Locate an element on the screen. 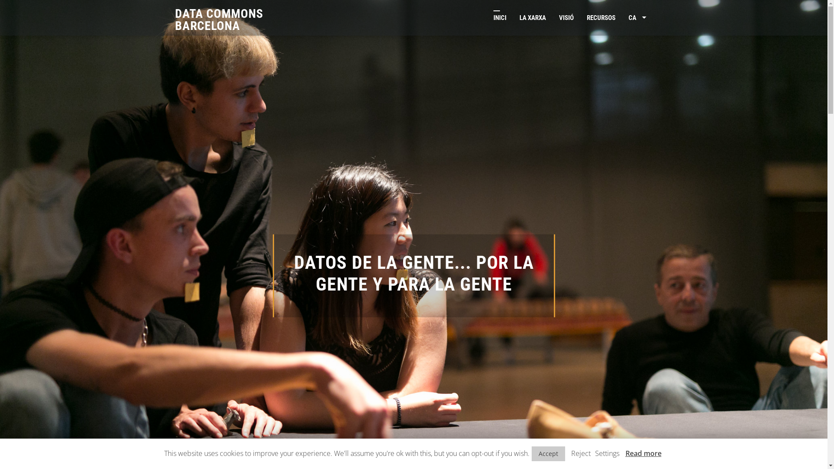 The image size is (834, 469). 'LA XARXA' is located at coordinates (532, 18).